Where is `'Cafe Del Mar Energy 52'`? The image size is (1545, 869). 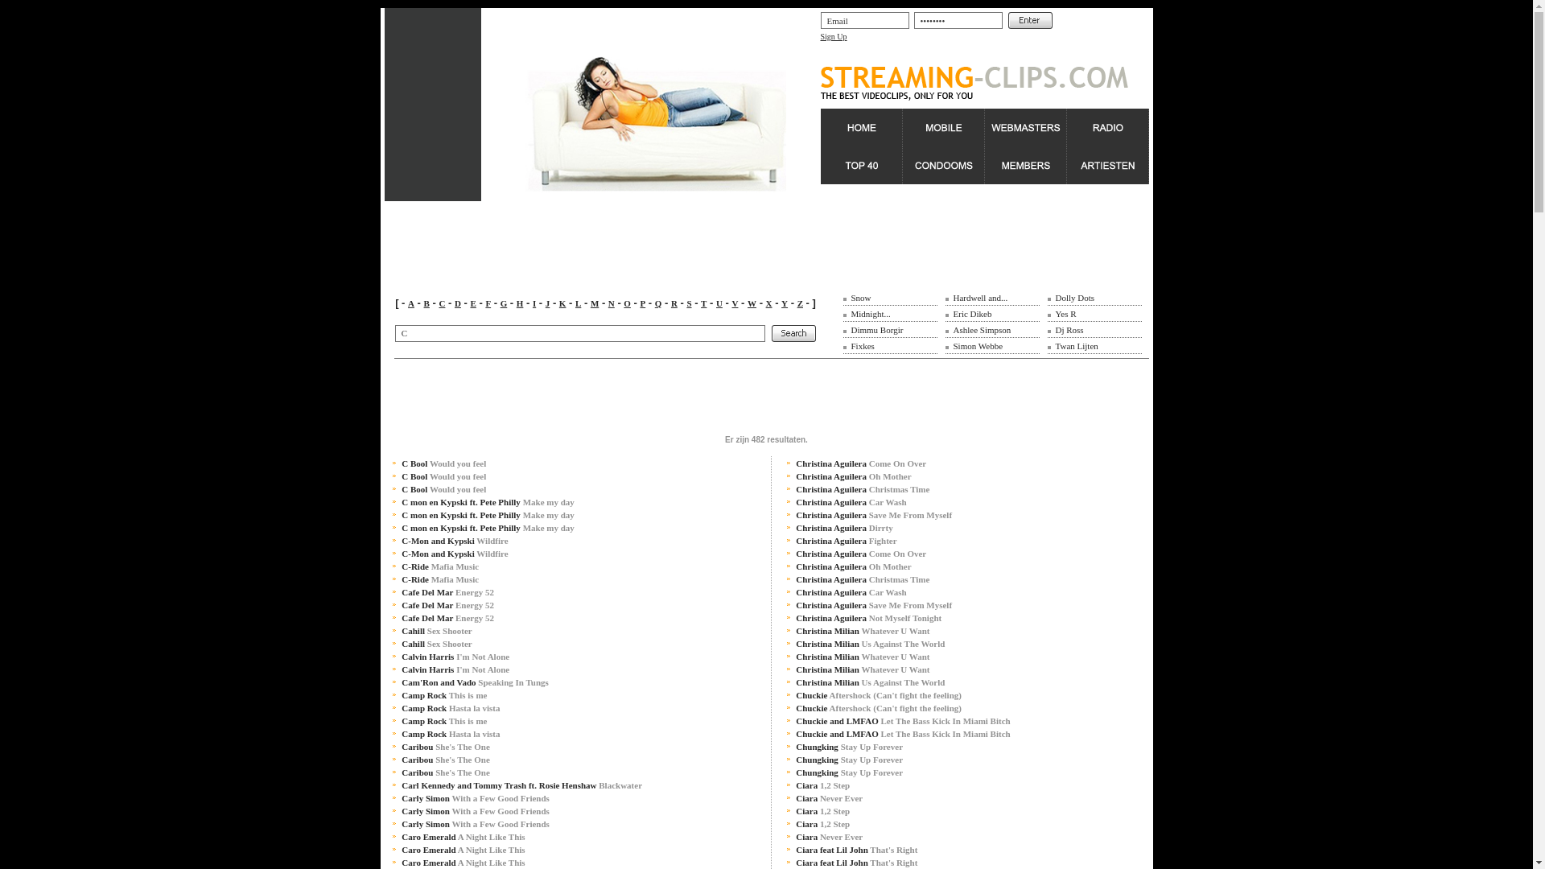 'Cafe Del Mar Energy 52' is located at coordinates (447, 592).